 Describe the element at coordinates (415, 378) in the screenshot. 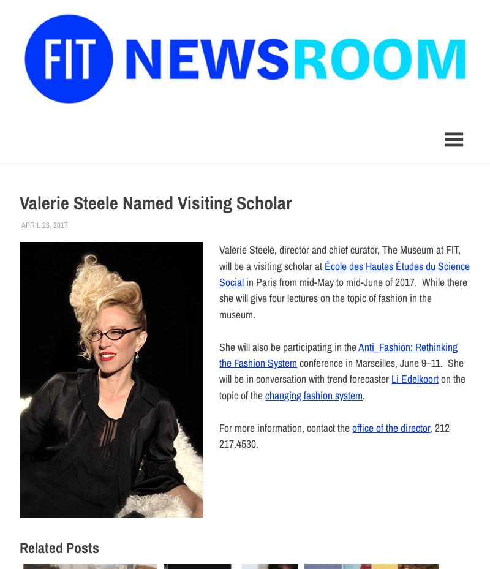

I see `'Li Edelkoort'` at that location.